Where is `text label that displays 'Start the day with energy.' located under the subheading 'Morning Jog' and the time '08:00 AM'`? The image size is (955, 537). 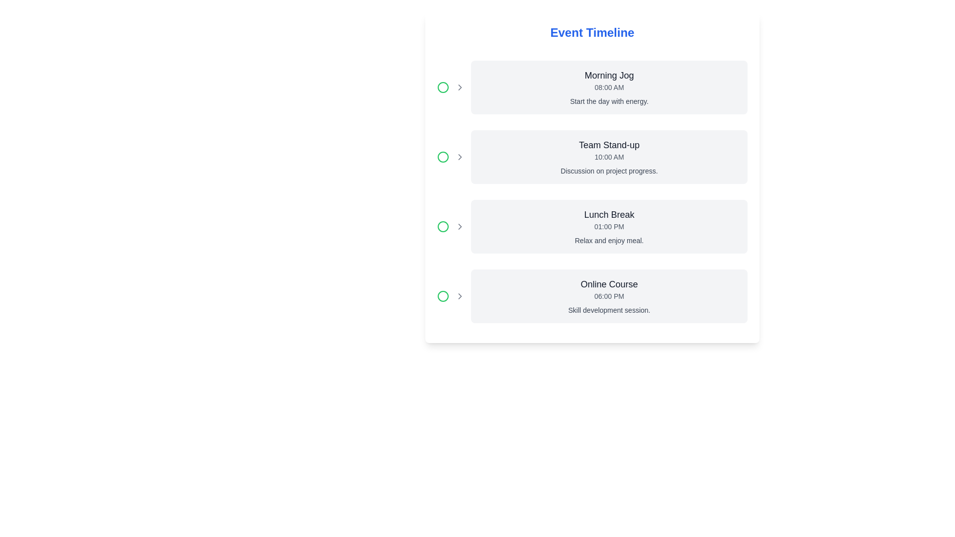
text label that displays 'Start the day with energy.' located under the subheading 'Morning Jog' and the time '08:00 AM' is located at coordinates (608, 101).